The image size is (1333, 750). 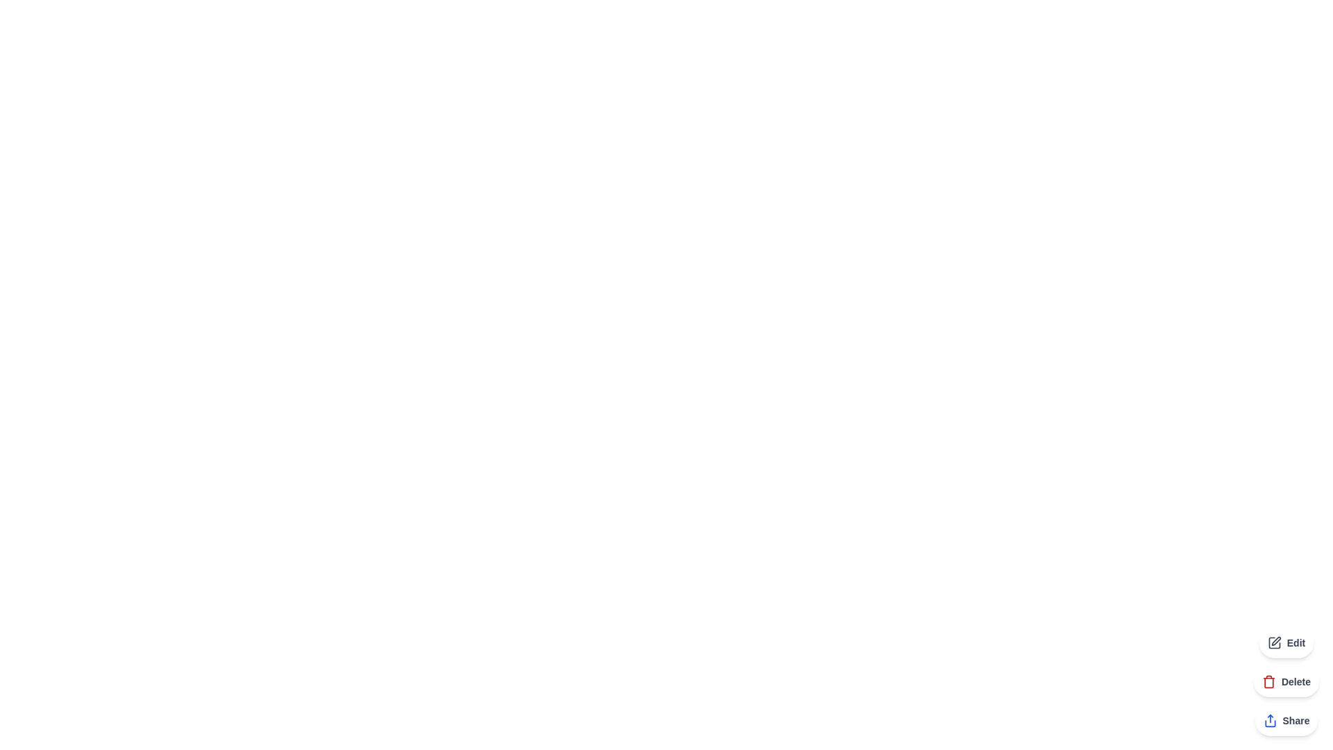 What do you see at coordinates (1285, 681) in the screenshot?
I see `the second button in the sequence of three buttons located at the bottom-right corner of the main interface to invoke the delete operation` at bounding box center [1285, 681].